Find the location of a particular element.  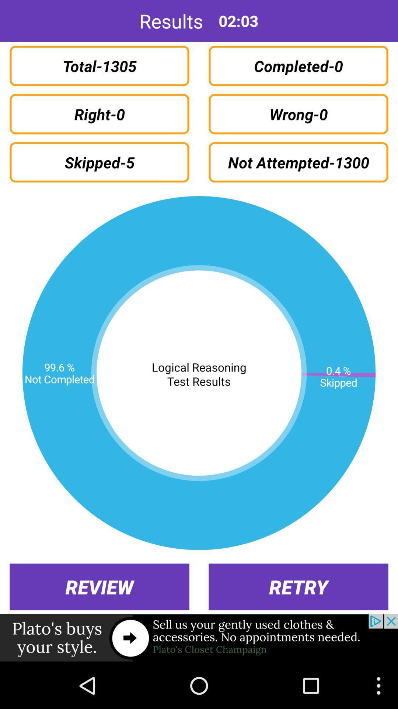

advertisement option is located at coordinates (199, 638).